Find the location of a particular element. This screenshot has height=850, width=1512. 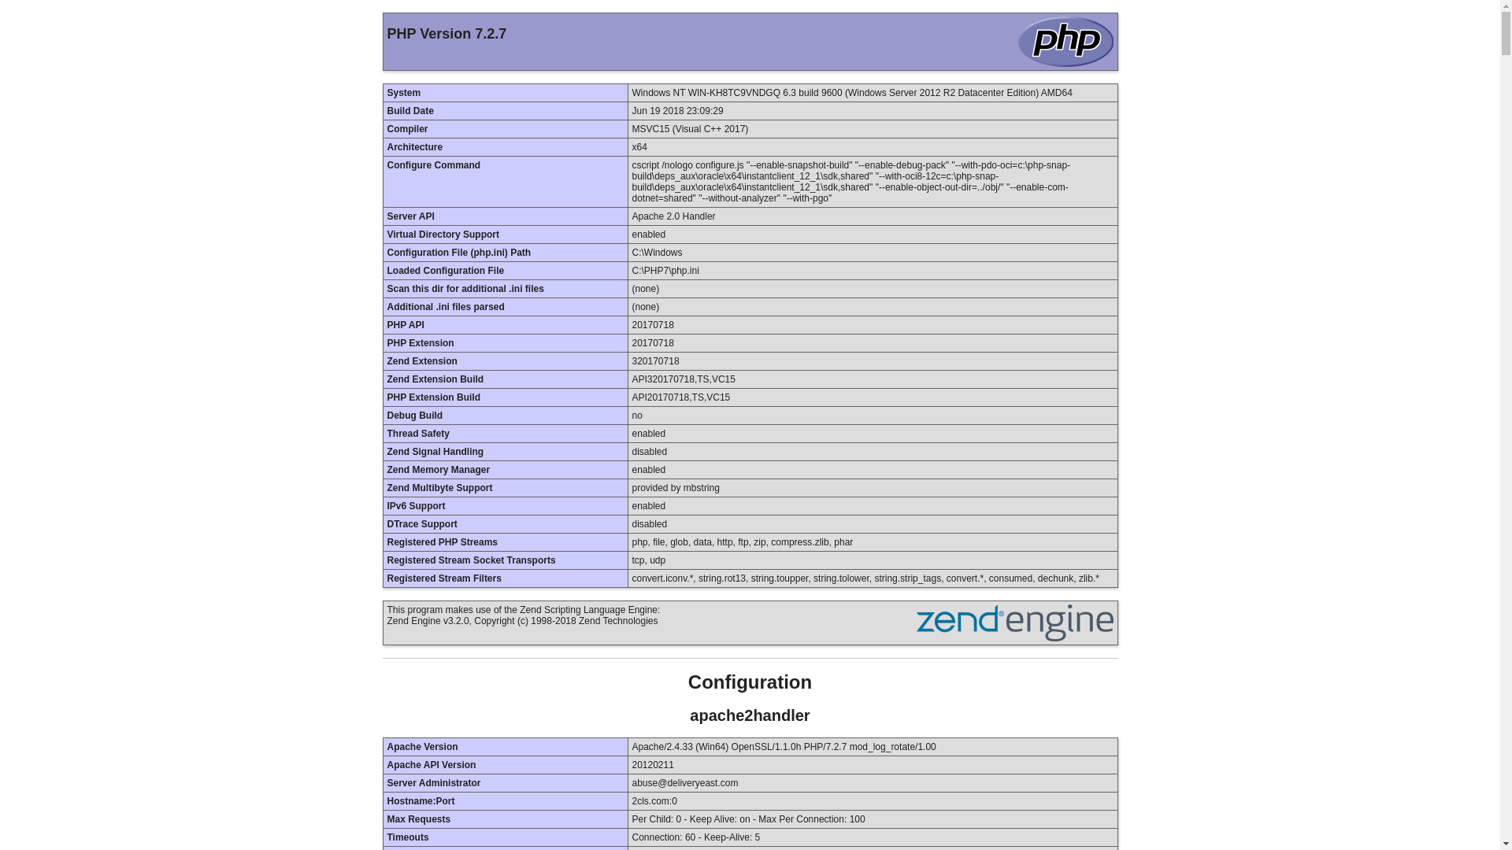

'apache2handler' is located at coordinates (748, 715).